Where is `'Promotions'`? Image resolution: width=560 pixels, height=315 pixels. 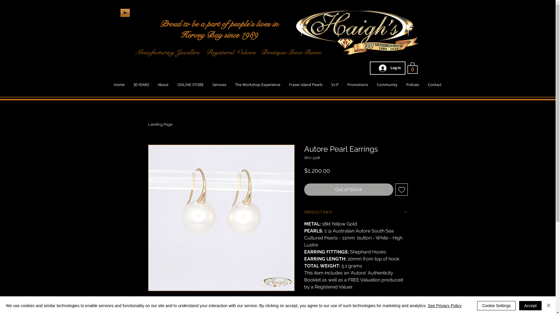 'Promotions' is located at coordinates (343, 84).